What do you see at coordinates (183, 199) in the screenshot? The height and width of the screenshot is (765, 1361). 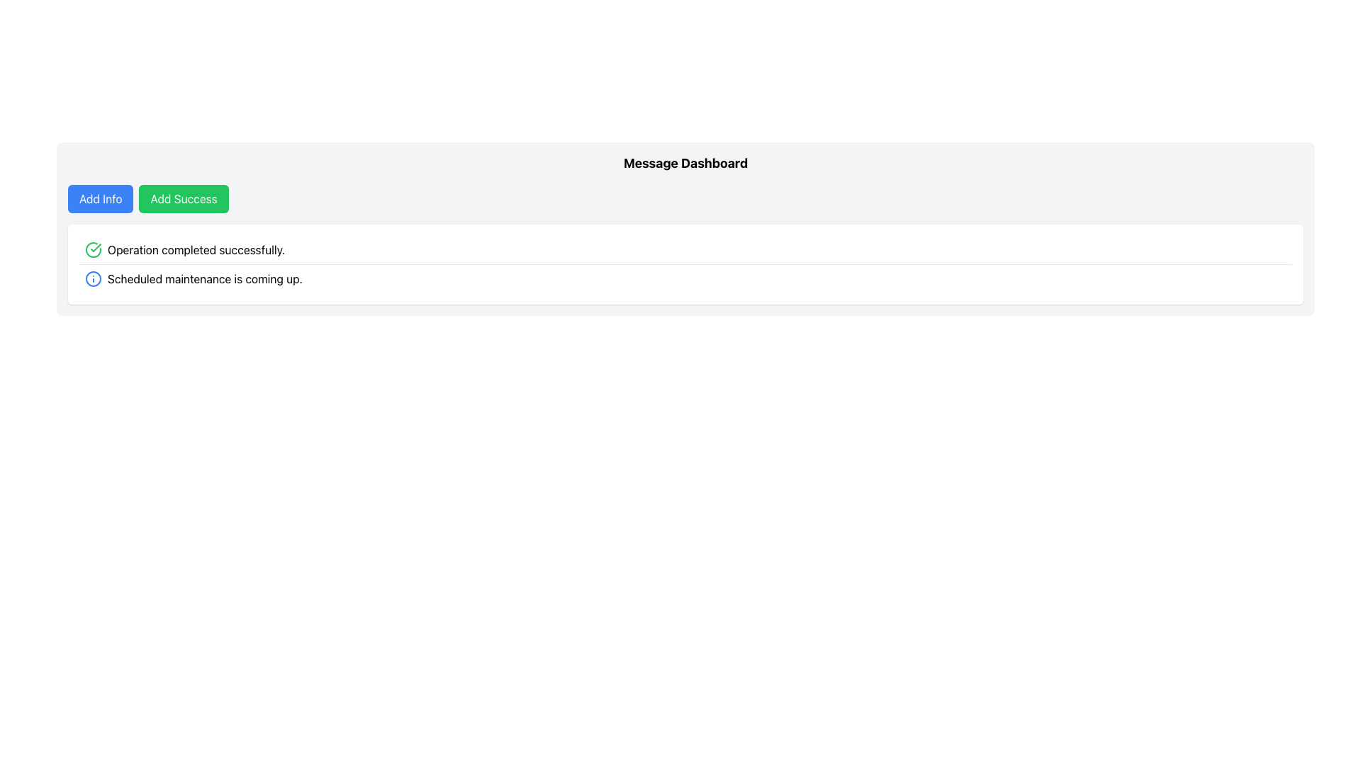 I see `the green rectangular button labeled 'Add Success'` at bounding box center [183, 199].